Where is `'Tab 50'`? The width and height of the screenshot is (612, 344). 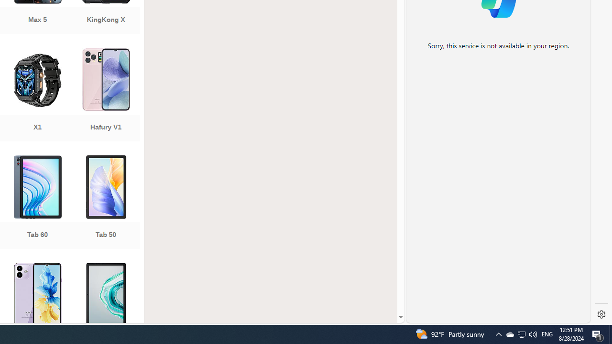 'Tab 50' is located at coordinates (106, 203).